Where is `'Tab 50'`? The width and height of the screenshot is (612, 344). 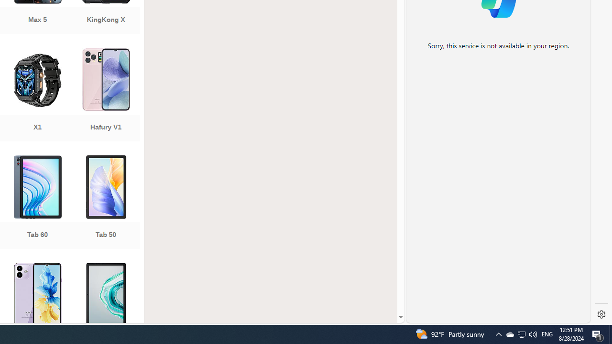 'Tab 50' is located at coordinates (106, 203).